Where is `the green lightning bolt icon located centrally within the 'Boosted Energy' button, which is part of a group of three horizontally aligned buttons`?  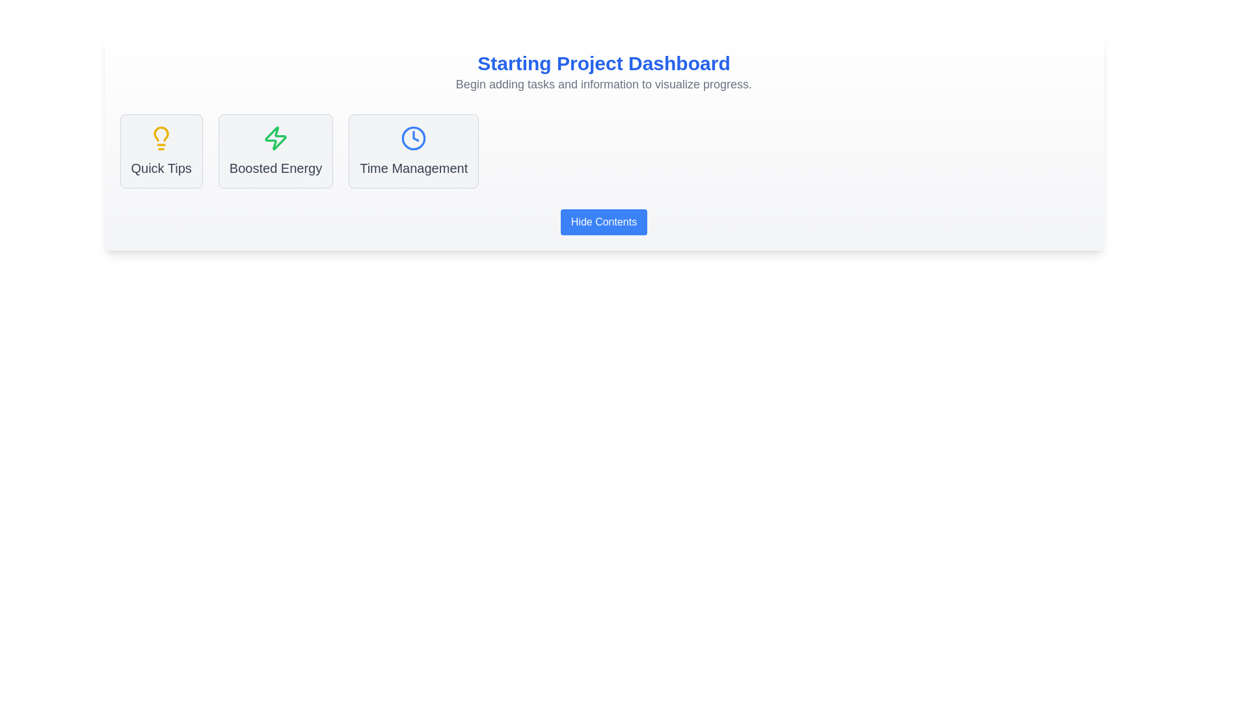 the green lightning bolt icon located centrally within the 'Boosted Energy' button, which is part of a group of three horizontally aligned buttons is located at coordinates (275, 138).